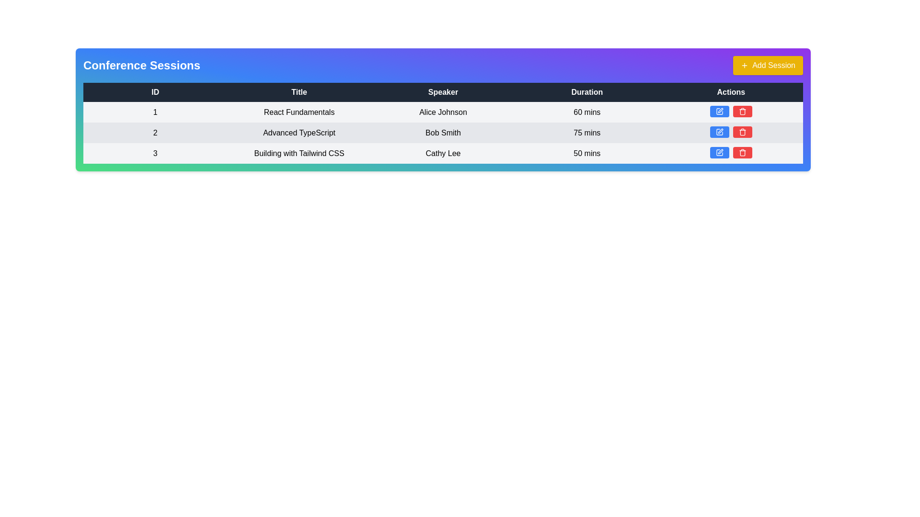  What do you see at coordinates (719, 152) in the screenshot?
I see `the first button in the 'Actions' column of the last row in the visible table` at bounding box center [719, 152].